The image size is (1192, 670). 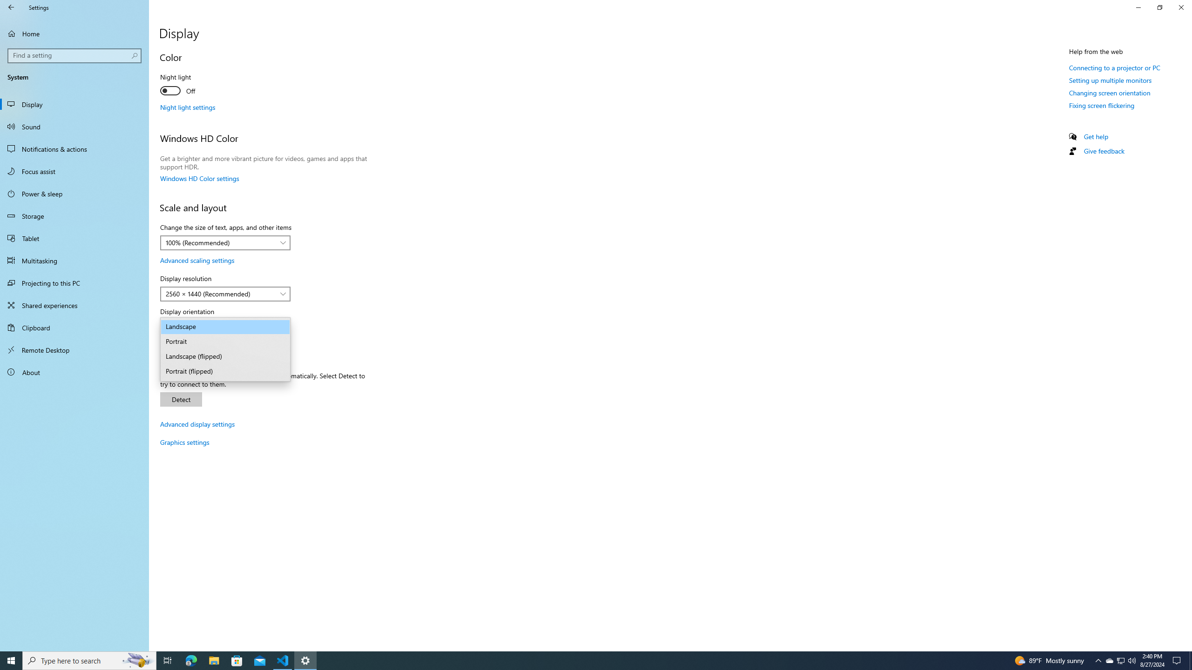 What do you see at coordinates (181, 399) in the screenshot?
I see `'Detect'` at bounding box center [181, 399].